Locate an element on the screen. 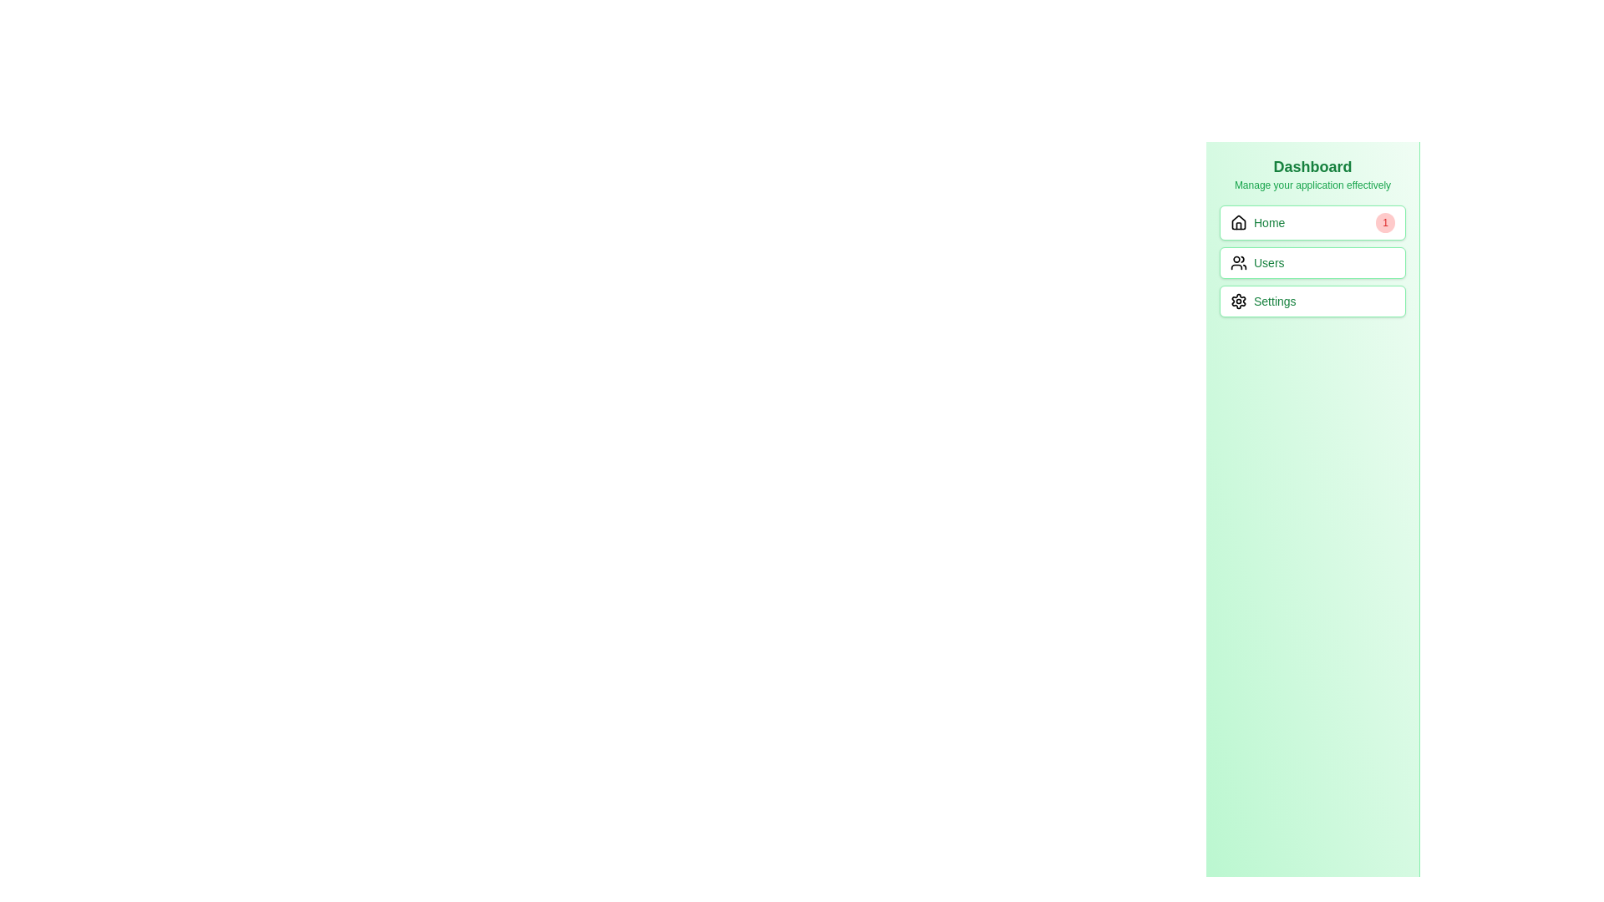 This screenshot has width=1604, height=902. the small, pill-shaped badge with a red background and the number '1' in red text, located near the upper-right edge of the 'Home' card in the vertical navigation menu is located at coordinates (1385, 221).